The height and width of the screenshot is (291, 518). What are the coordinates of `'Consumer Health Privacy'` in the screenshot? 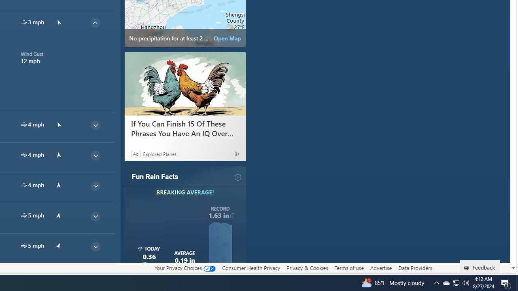 It's located at (251, 268).